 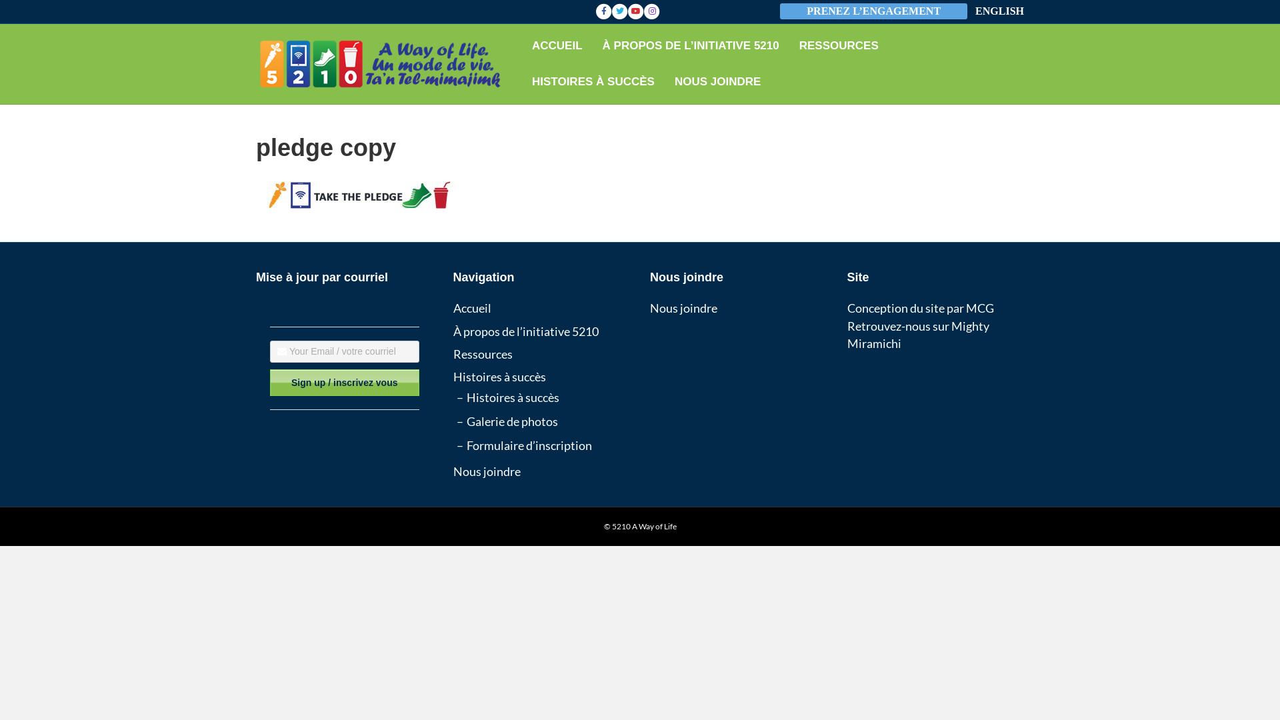 What do you see at coordinates (603, 11) in the screenshot?
I see `'Facebook'` at bounding box center [603, 11].